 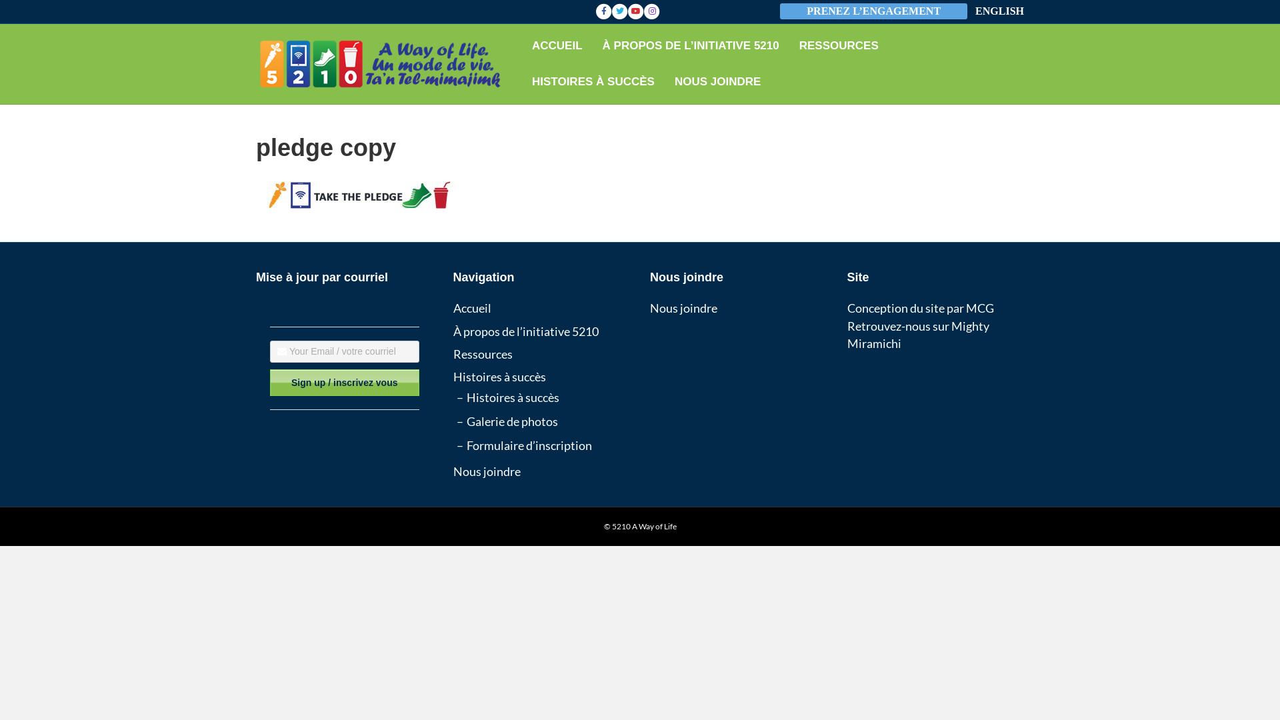 What do you see at coordinates (603, 11) in the screenshot?
I see `'Facebook'` at bounding box center [603, 11].